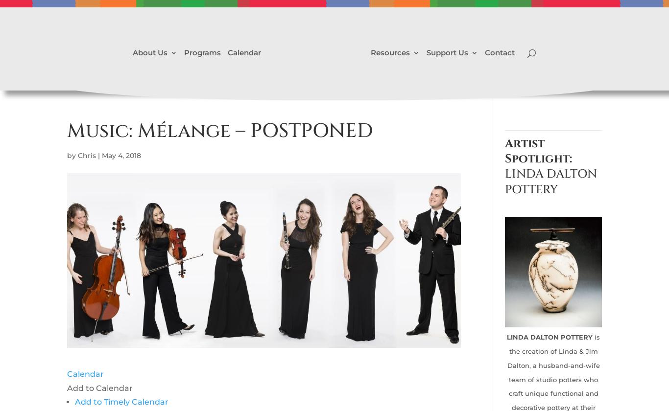 The width and height of the screenshot is (669, 411). What do you see at coordinates (98, 388) in the screenshot?
I see `'Add to Calendar'` at bounding box center [98, 388].